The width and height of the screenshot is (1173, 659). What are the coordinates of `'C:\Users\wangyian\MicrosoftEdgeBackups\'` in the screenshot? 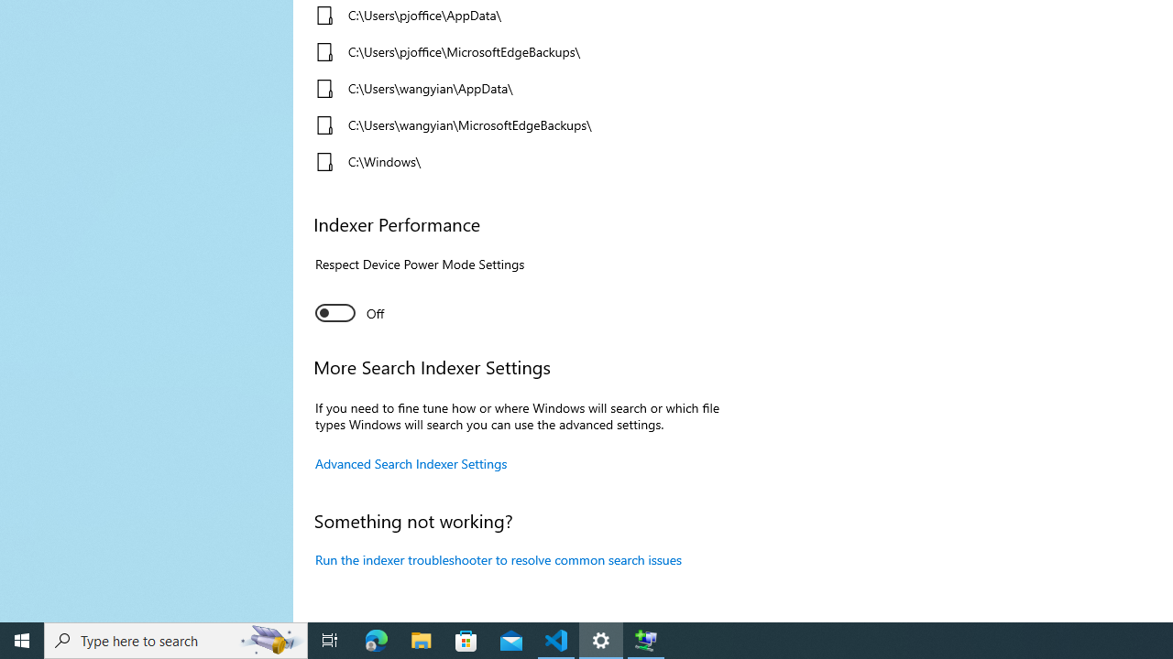 It's located at (515, 124).